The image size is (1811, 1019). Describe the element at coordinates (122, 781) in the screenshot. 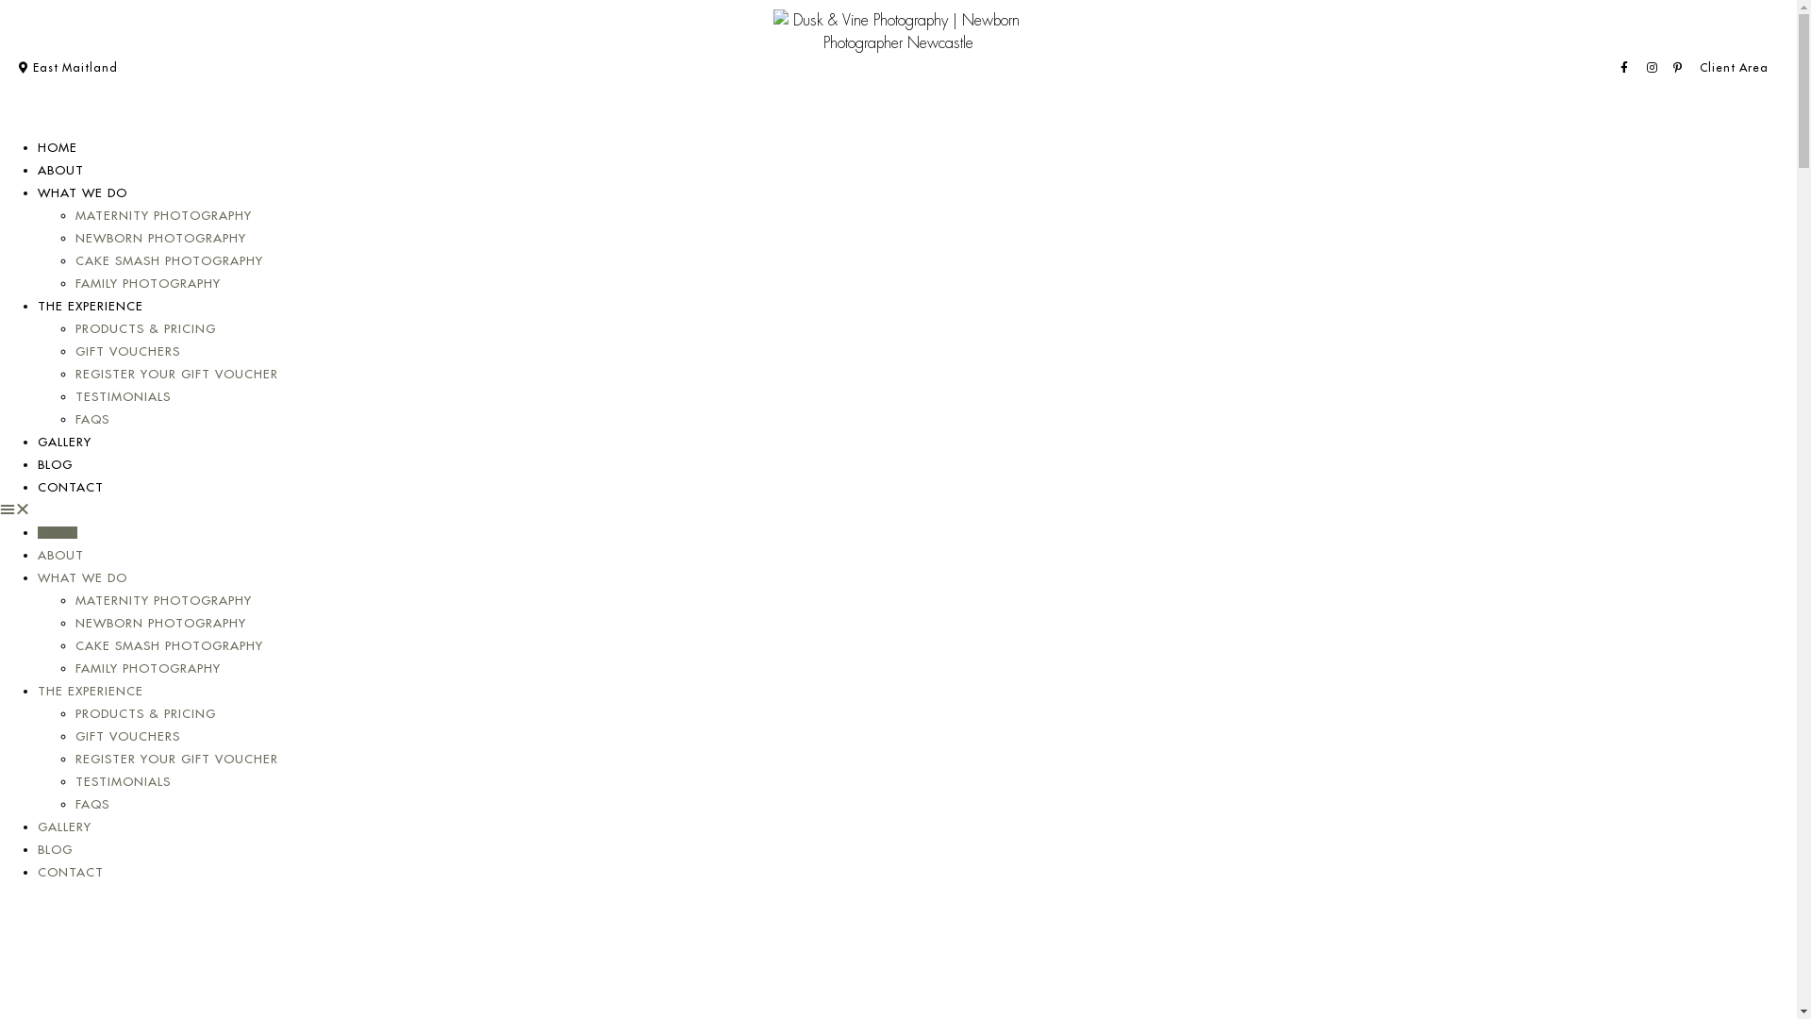

I see `'TESTIMONIALS'` at that location.